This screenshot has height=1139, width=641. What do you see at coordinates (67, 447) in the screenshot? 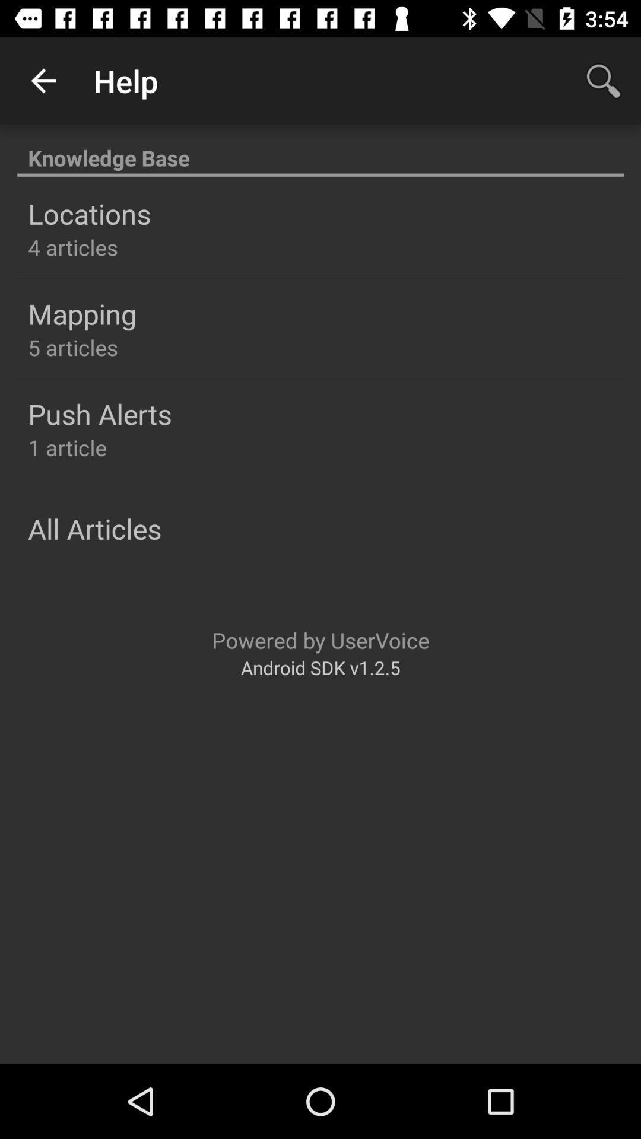
I see `the 1 article item` at bounding box center [67, 447].